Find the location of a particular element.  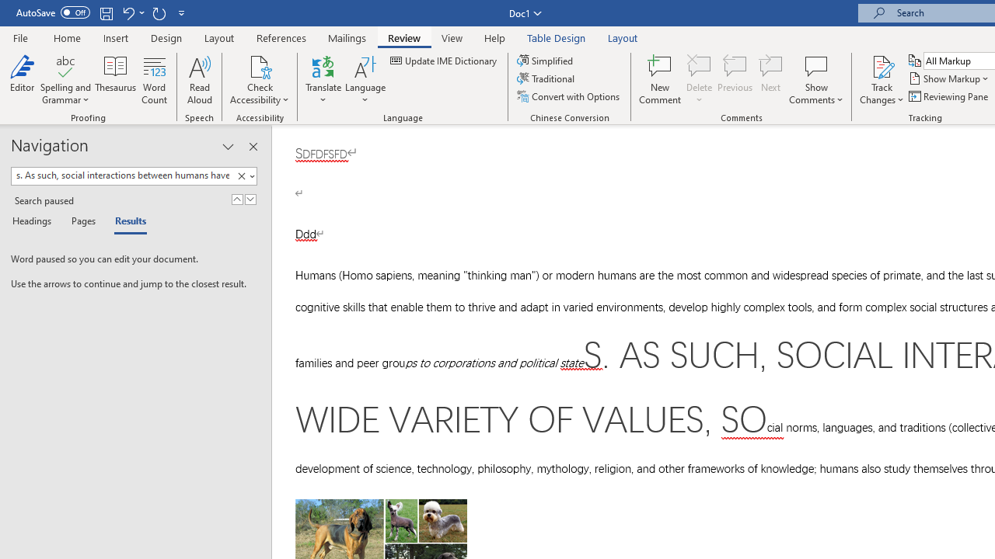

'Track Changes' is located at coordinates (882, 80).